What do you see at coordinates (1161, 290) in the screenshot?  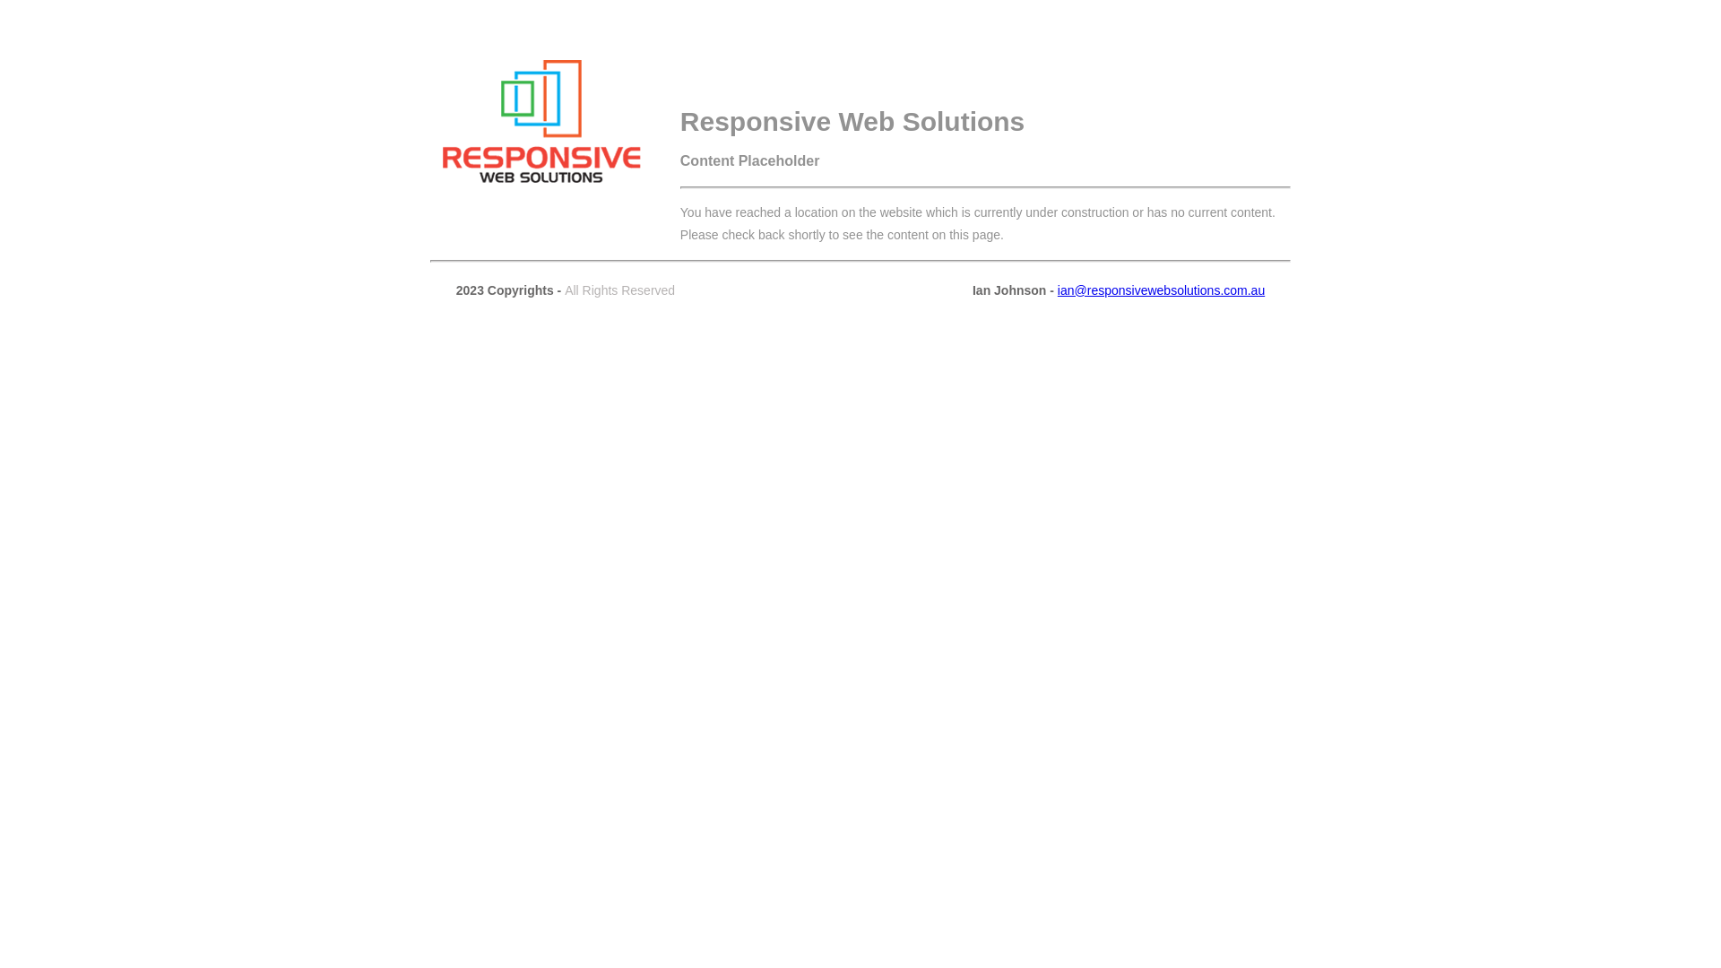 I see `'ian@responsivewebsolutions.com.au'` at bounding box center [1161, 290].